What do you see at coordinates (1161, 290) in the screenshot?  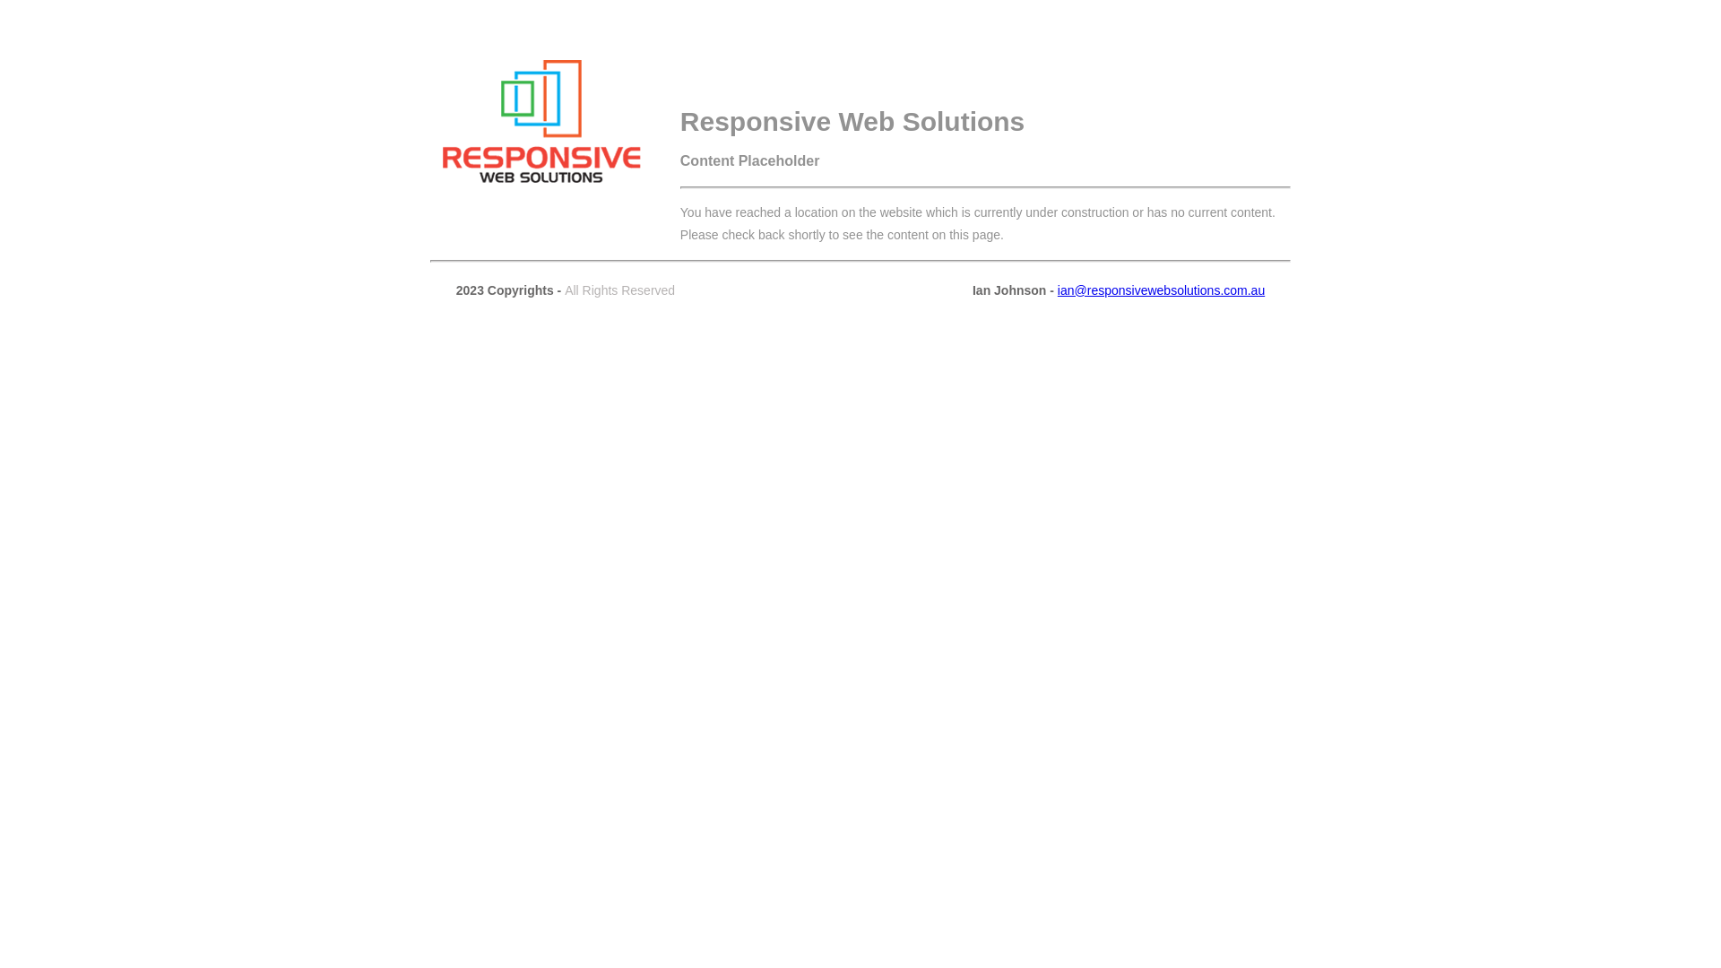 I see `'ian@responsivewebsolutions.com.au'` at bounding box center [1161, 290].